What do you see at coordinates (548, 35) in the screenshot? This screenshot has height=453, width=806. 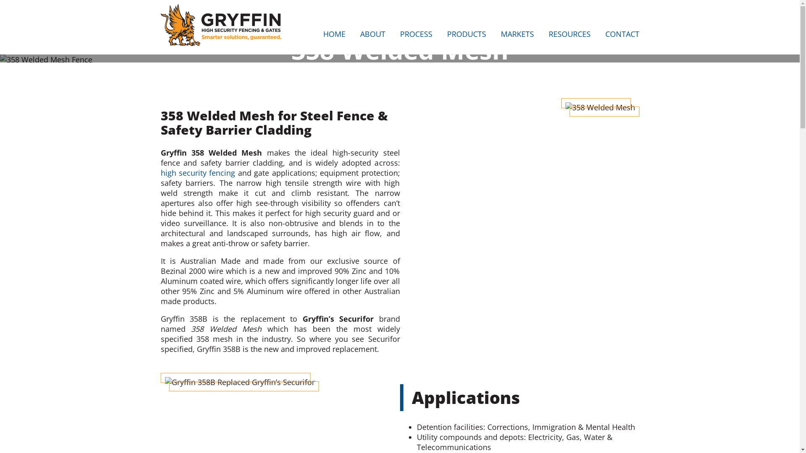 I see `'RESOURCES'` at bounding box center [548, 35].